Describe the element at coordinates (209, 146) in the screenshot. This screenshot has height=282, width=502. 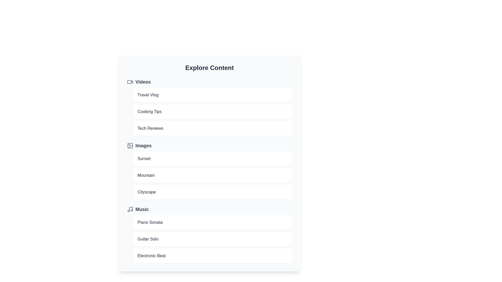
I see `the category Images to toggle its visibility` at that location.